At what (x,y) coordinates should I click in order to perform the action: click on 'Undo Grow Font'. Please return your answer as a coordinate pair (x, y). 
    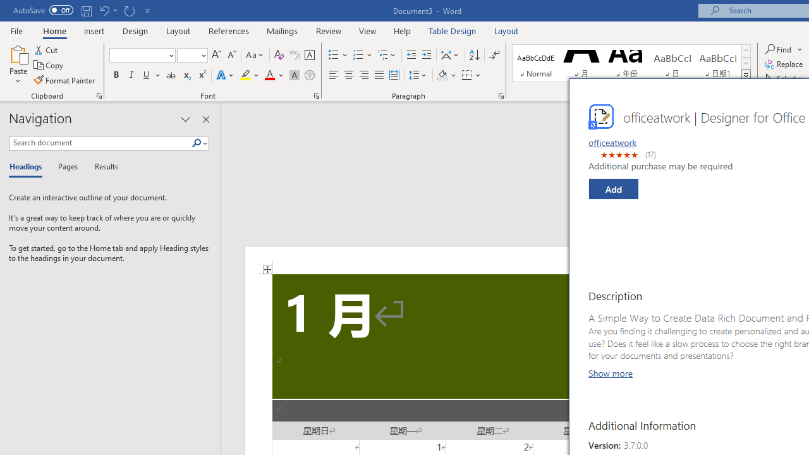
    Looking at the image, I should click on (107, 10).